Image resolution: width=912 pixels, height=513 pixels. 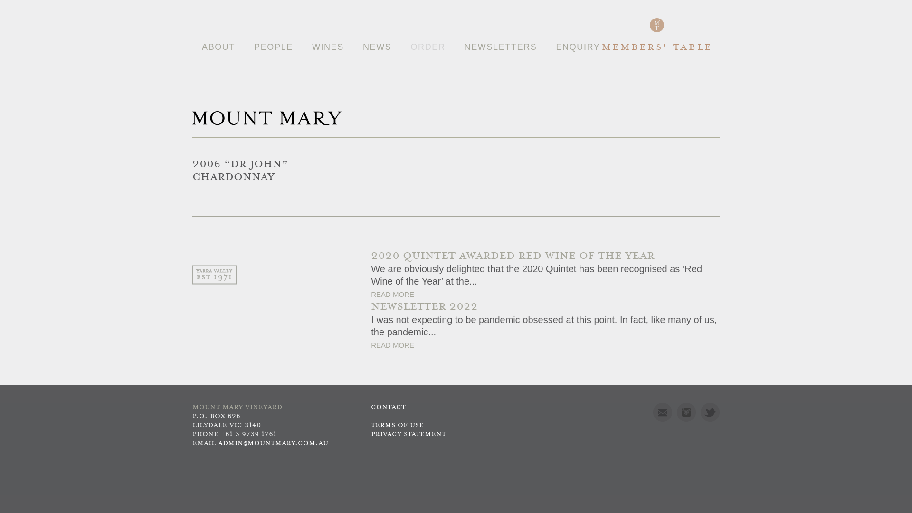 I want to click on 'READ MORE', so click(x=392, y=345).